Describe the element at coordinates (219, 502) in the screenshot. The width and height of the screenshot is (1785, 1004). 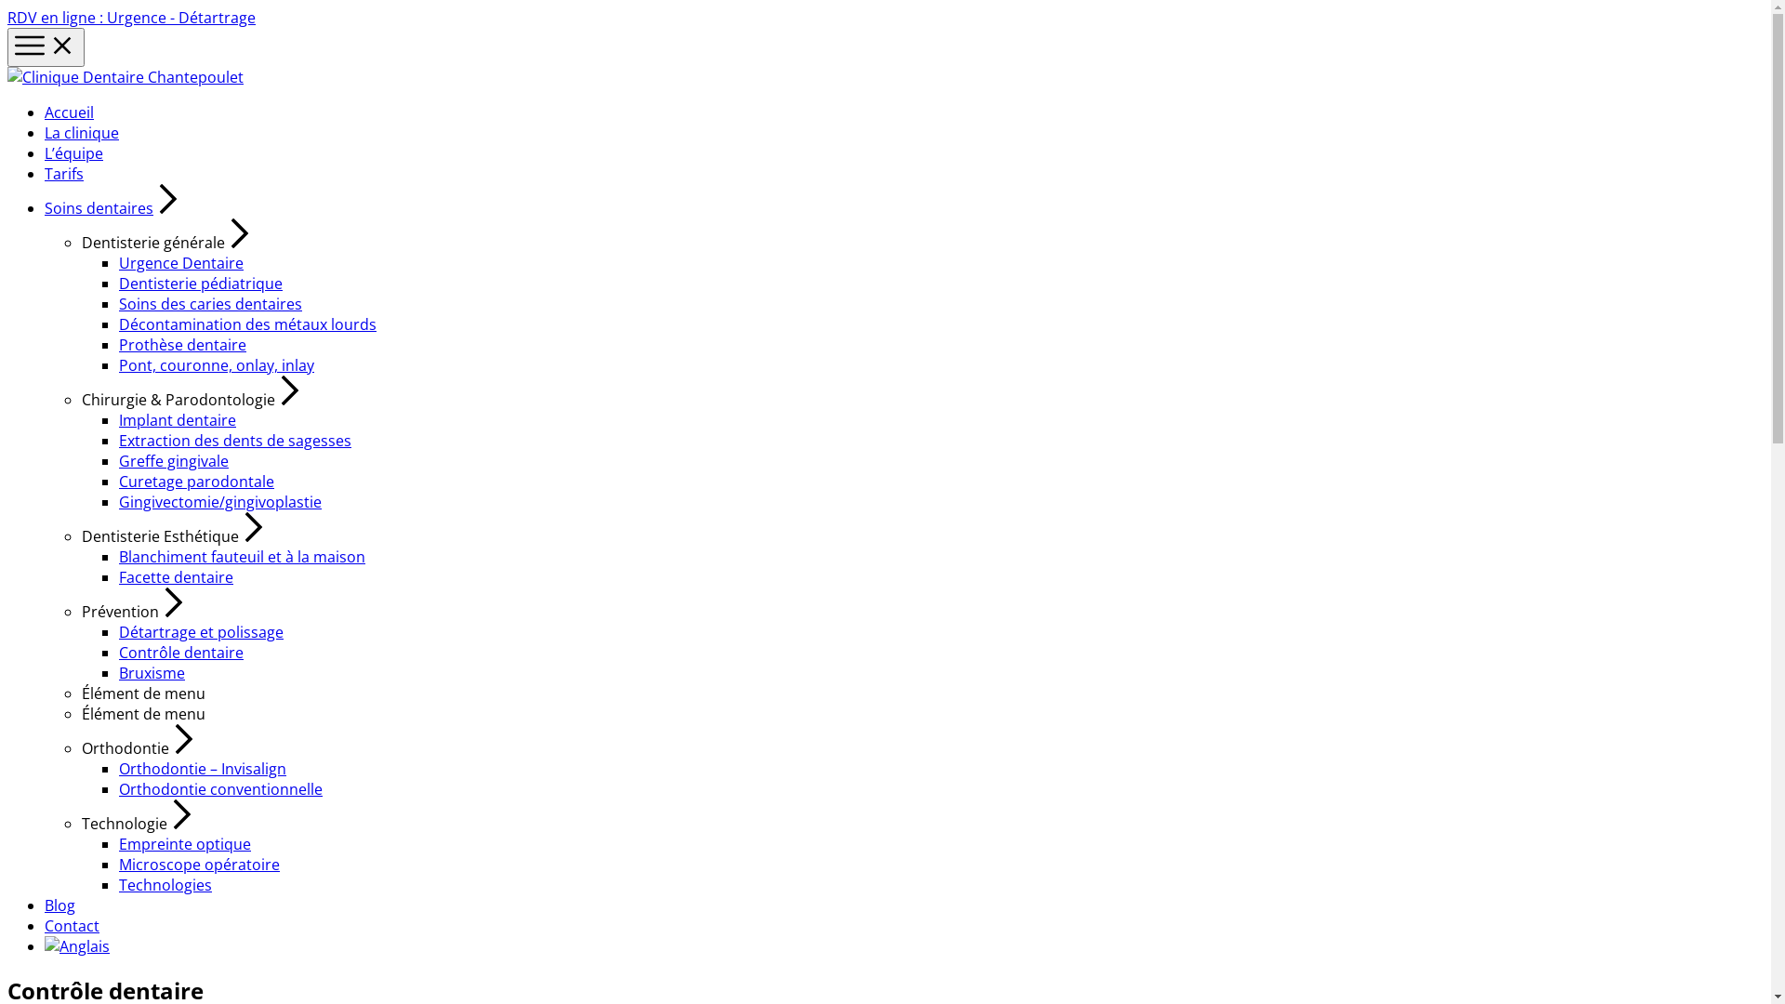
I see `'Gingivectomie/gingivoplastie'` at that location.